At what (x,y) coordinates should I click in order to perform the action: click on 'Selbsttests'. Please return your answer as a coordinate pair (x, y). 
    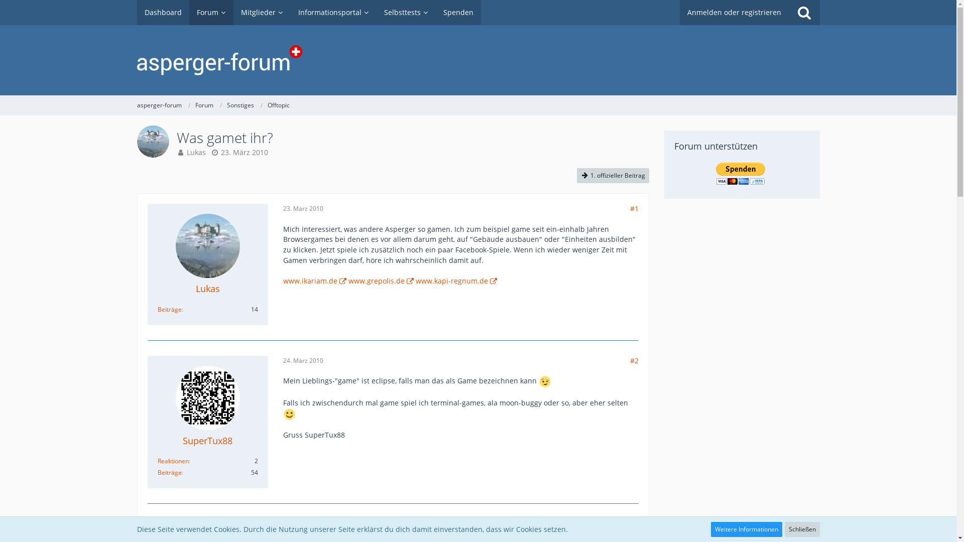
    Looking at the image, I should click on (406, 12).